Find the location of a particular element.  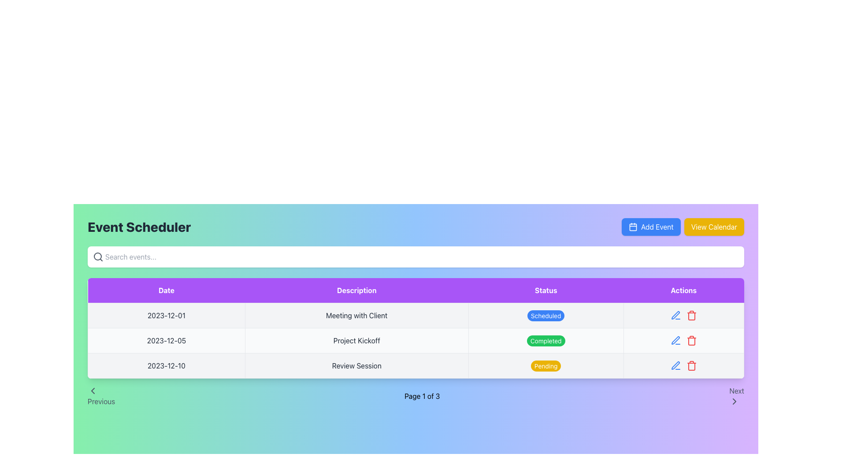

the small arrow-shaped icon that is part of the 'Next' pagination button located at the bottom-right corner of the table interface is located at coordinates (735, 401).